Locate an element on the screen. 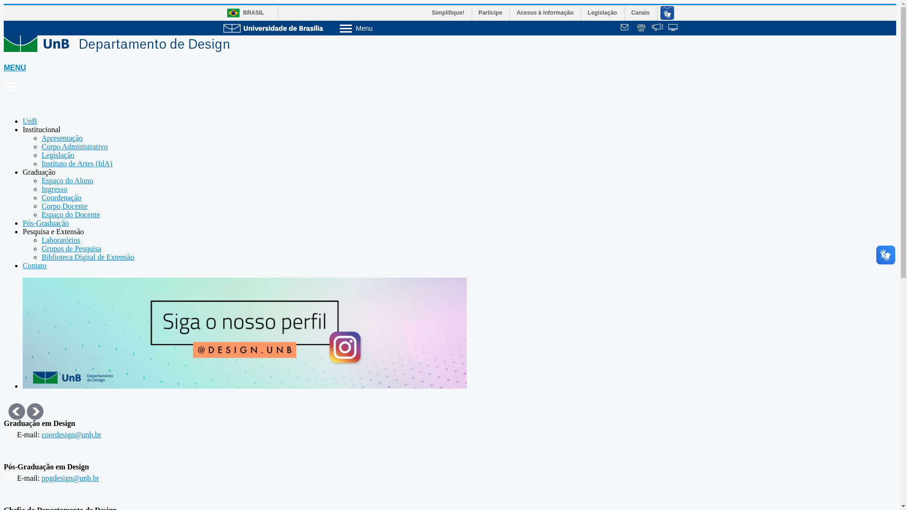 Image resolution: width=907 pixels, height=510 pixels. 'ppgdesign@unb.br' is located at coordinates (69, 478).